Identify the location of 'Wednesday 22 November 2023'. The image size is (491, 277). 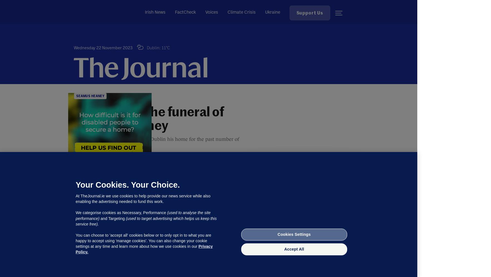
(103, 48).